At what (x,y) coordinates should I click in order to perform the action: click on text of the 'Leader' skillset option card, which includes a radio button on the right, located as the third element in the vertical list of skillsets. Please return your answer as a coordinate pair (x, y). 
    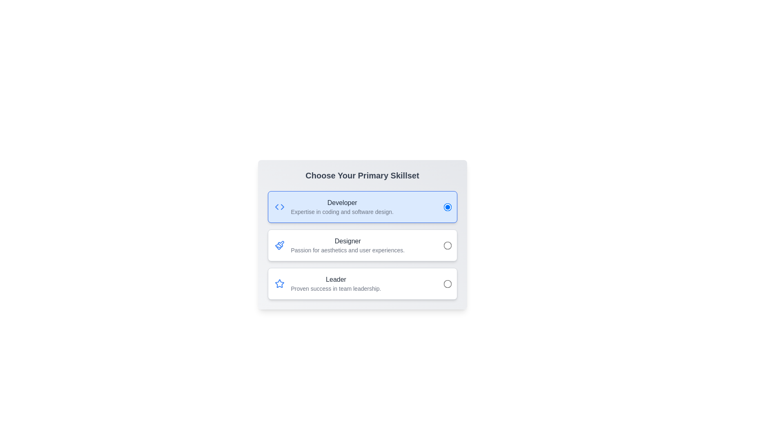
    Looking at the image, I should click on (362, 283).